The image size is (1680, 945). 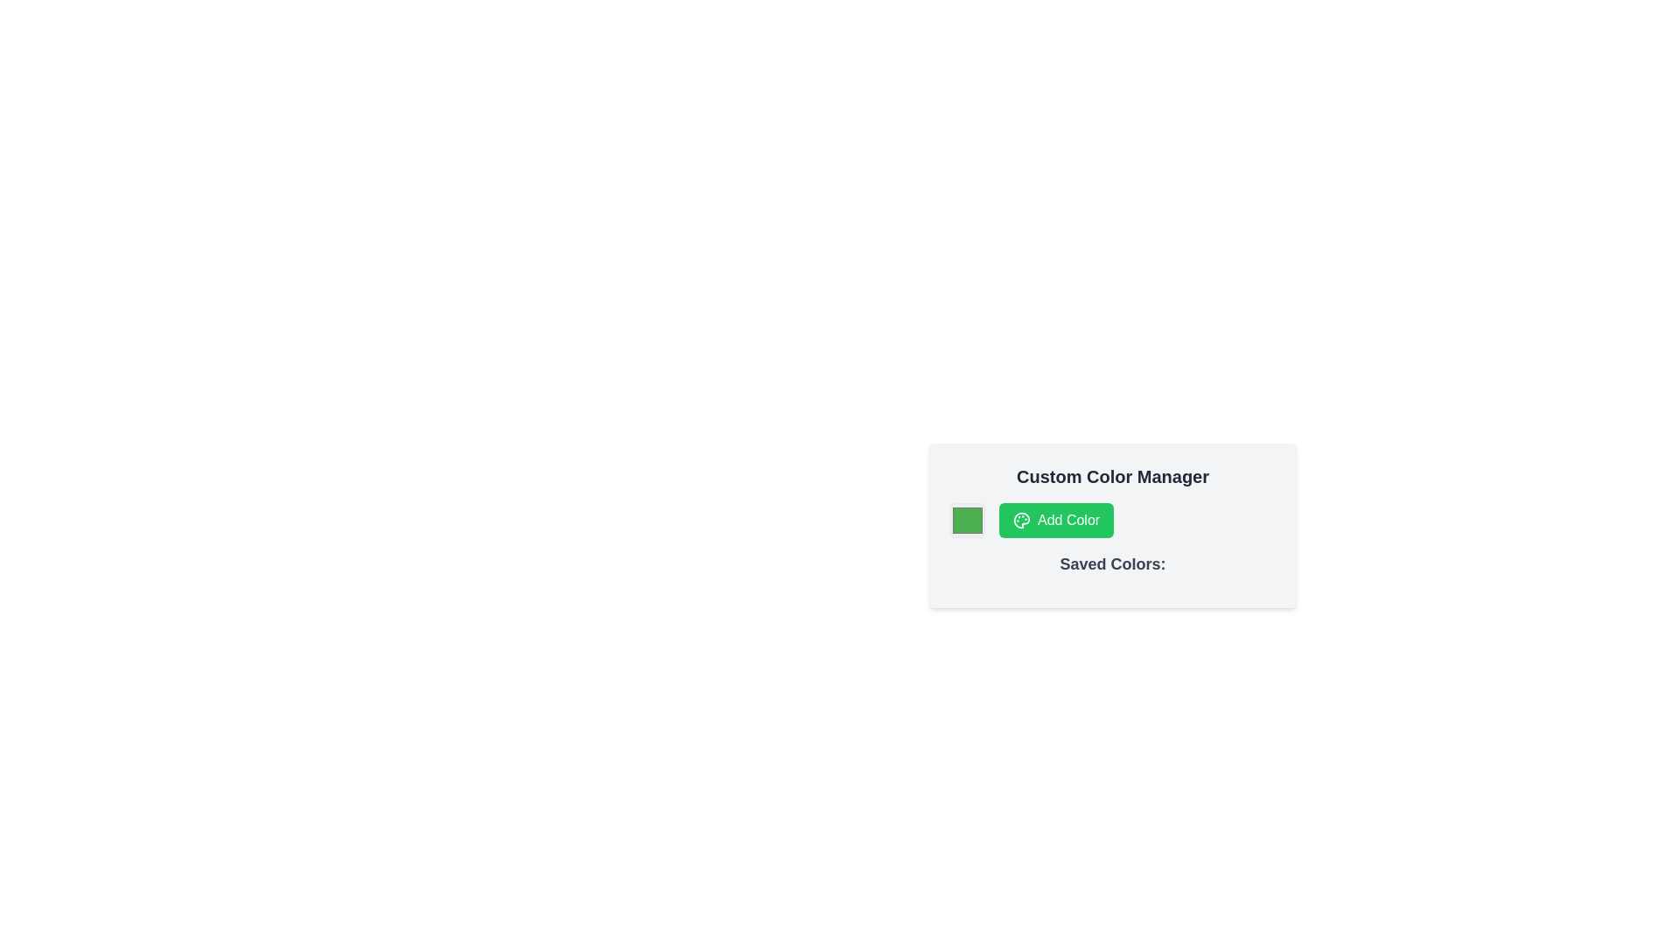 I want to click on the 'Add Color' button located in the 'Custom Color Manager' section, so click(x=1112, y=519).